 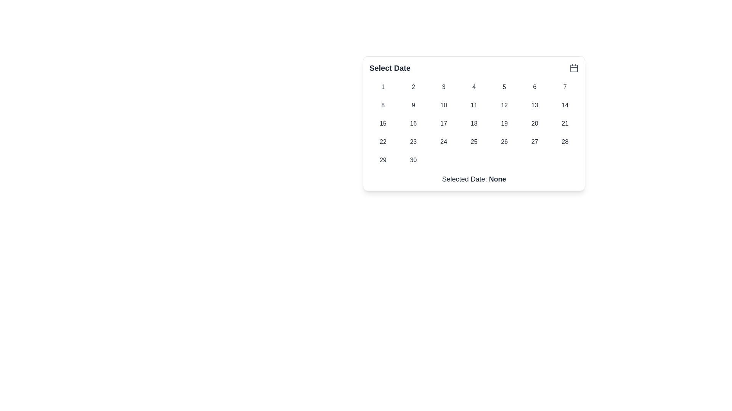 What do you see at coordinates (565, 86) in the screenshot?
I see `the selectable date representation button for the 7th day of the month in the calendar interface, located in the first row of the grid layout` at bounding box center [565, 86].